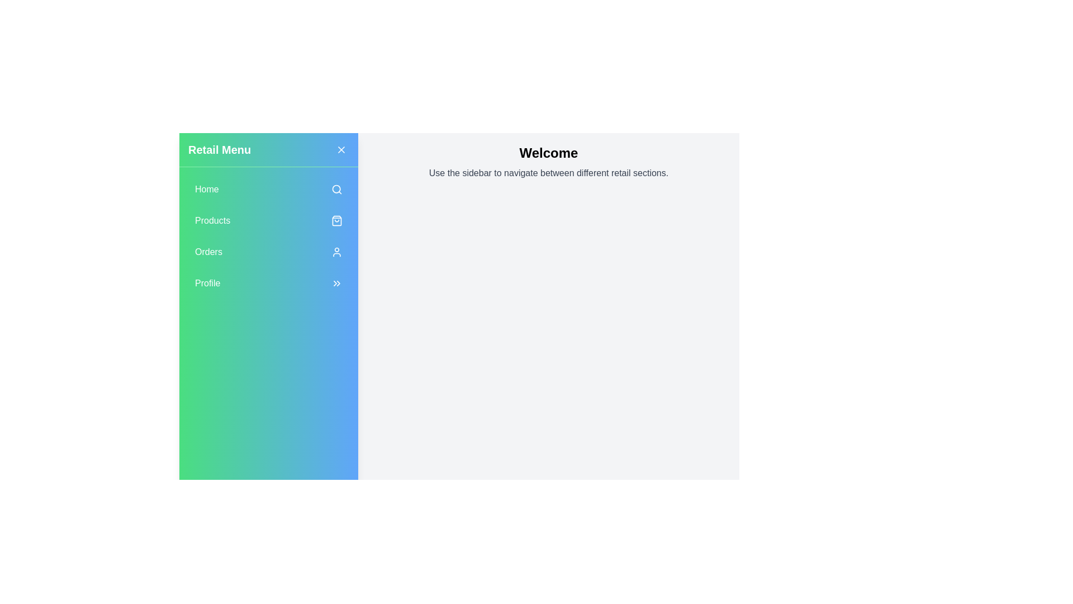 The image size is (1073, 604). Describe the element at coordinates (336, 282) in the screenshot. I see `the right-pointing double chevron icon, which is rendered in white on a blue background, located to the far right of the 'Profile' text in the sidebar menu` at that location.